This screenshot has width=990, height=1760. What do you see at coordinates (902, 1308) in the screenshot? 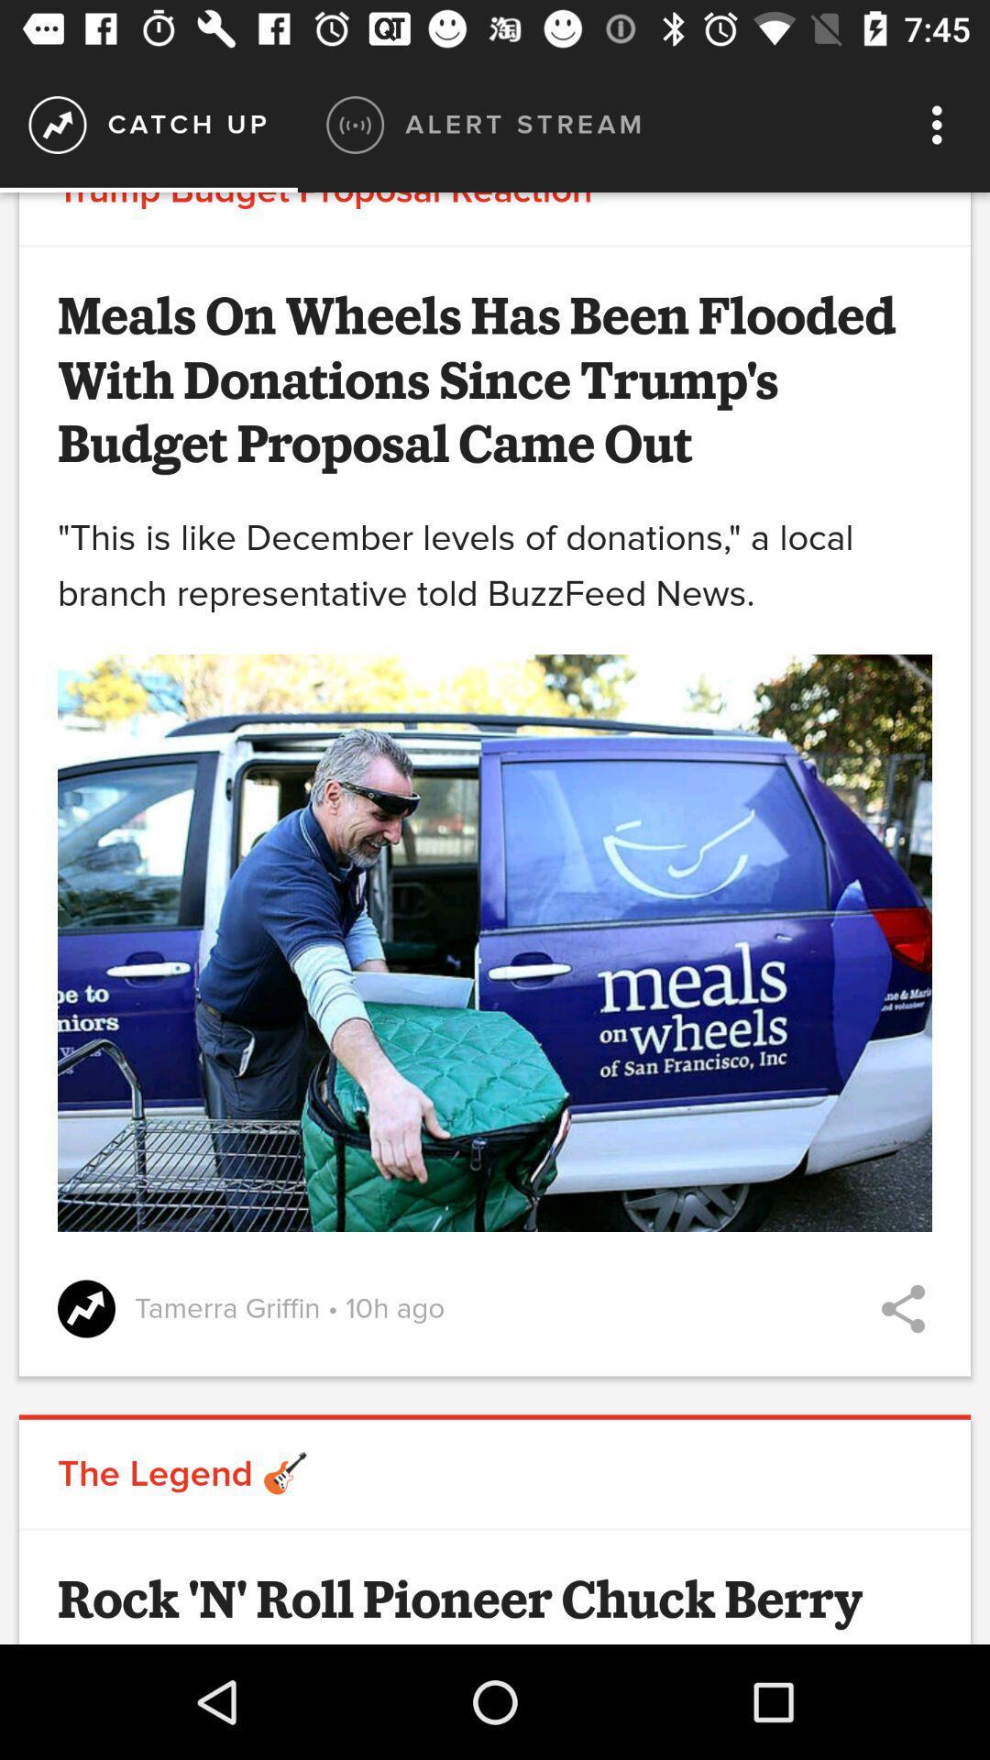
I see `icon at the bottom right corner` at bounding box center [902, 1308].